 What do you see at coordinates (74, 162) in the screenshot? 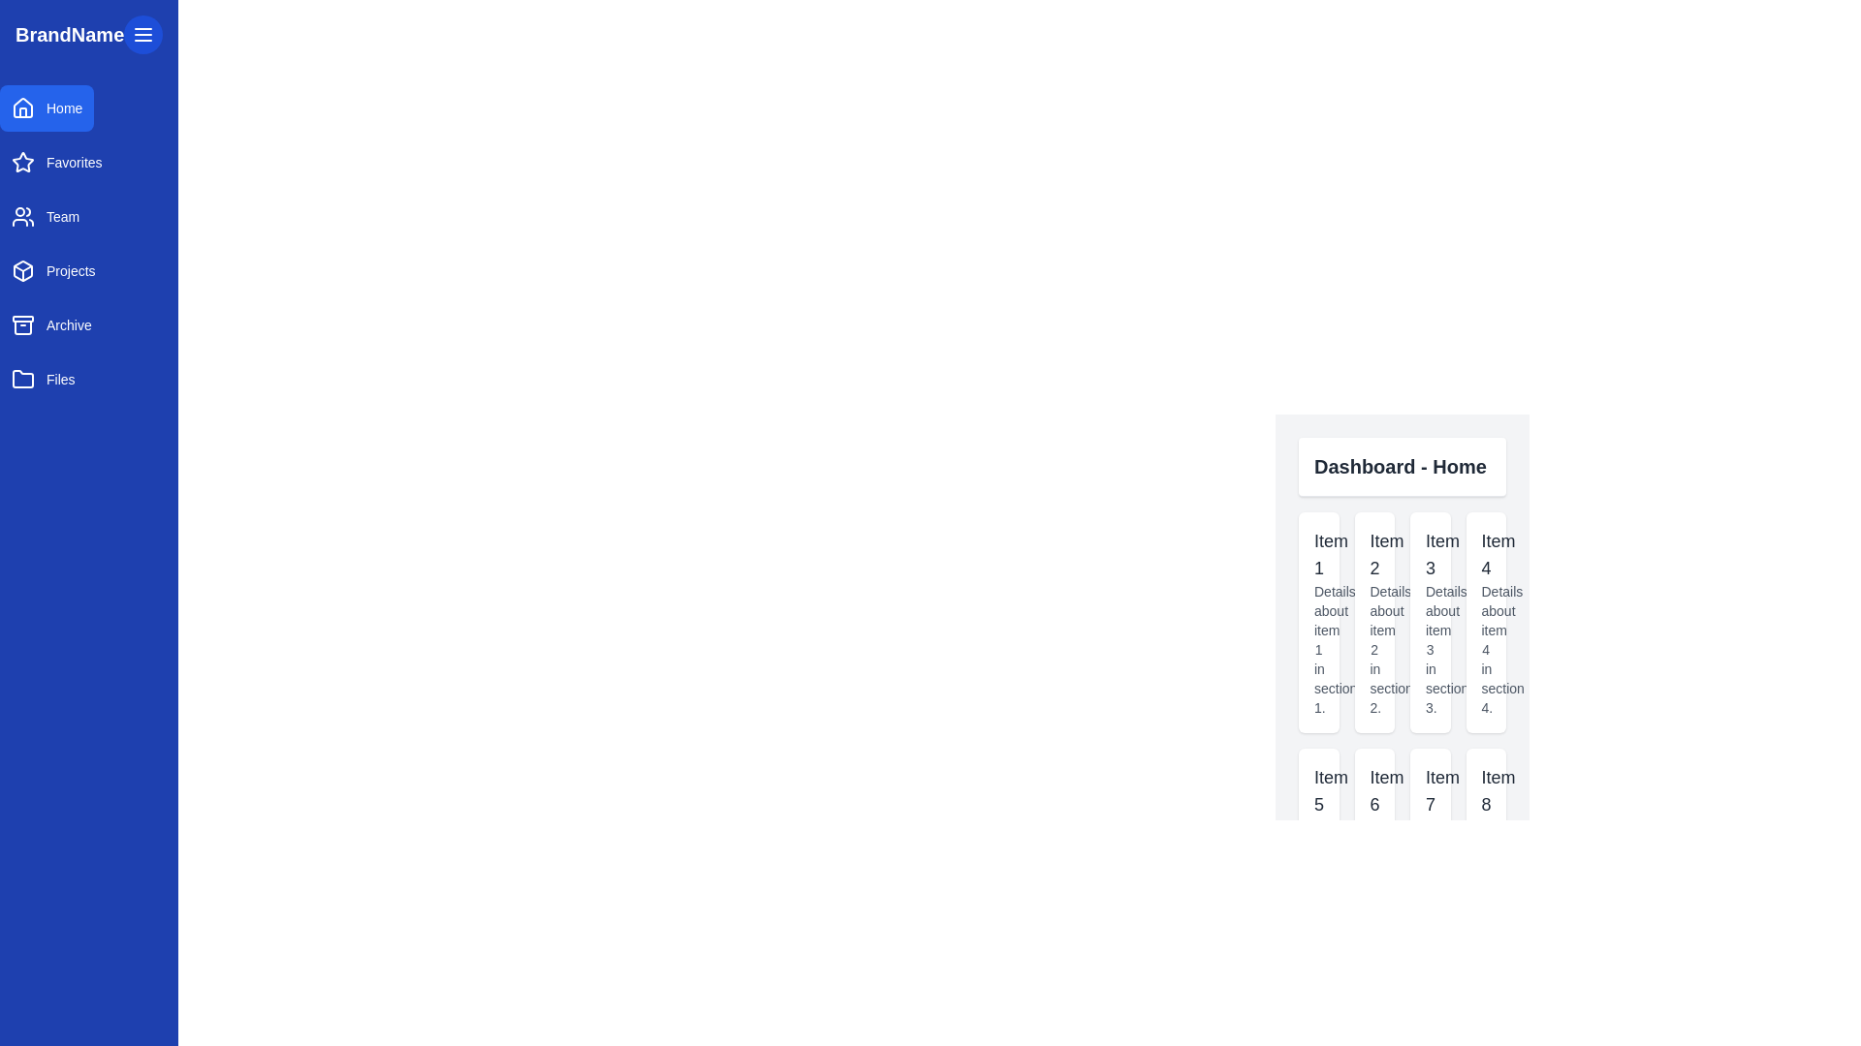
I see `the 'Favorites' text label in the vertical side navigation bar` at bounding box center [74, 162].